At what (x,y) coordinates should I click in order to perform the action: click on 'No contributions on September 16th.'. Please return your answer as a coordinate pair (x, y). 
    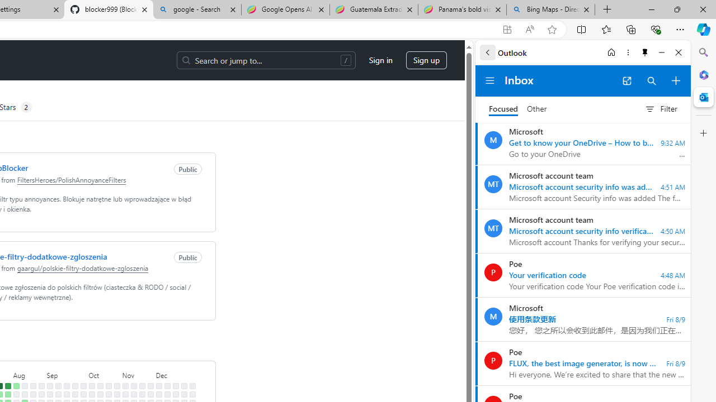
    Looking at the image, I should click on (66, 394).